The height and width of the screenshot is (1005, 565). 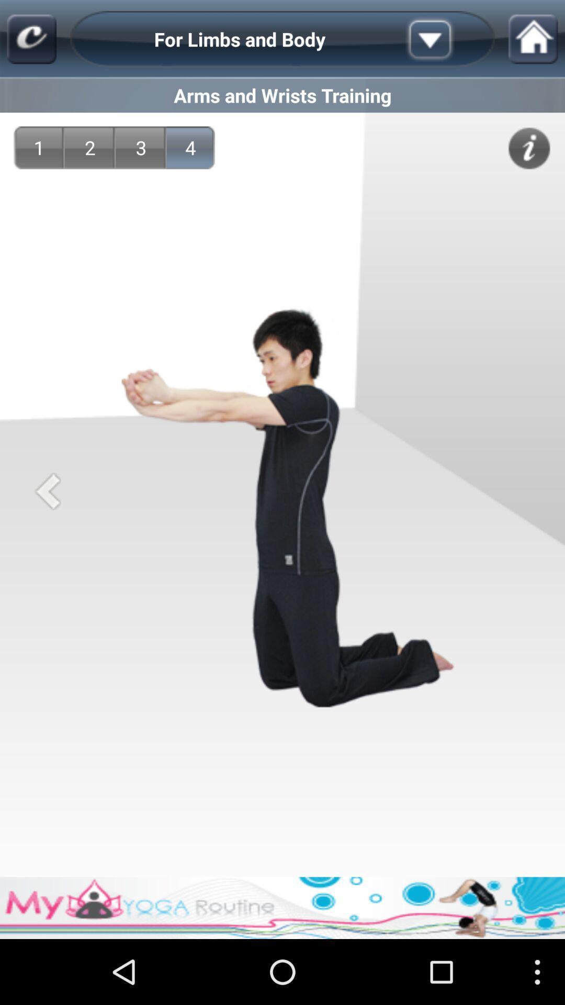 What do you see at coordinates (446, 39) in the screenshot?
I see `item above arms and wrists app` at bounding box center [446, 39].